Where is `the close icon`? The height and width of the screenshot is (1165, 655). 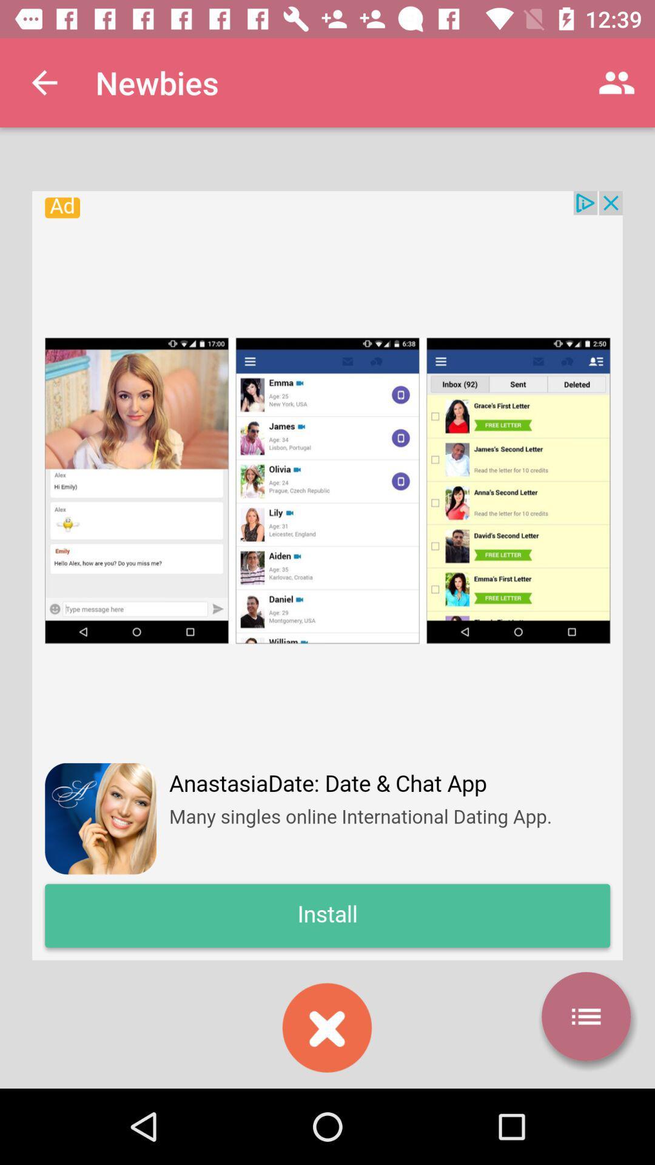 the close icon is located at coordinates (326, 1027).